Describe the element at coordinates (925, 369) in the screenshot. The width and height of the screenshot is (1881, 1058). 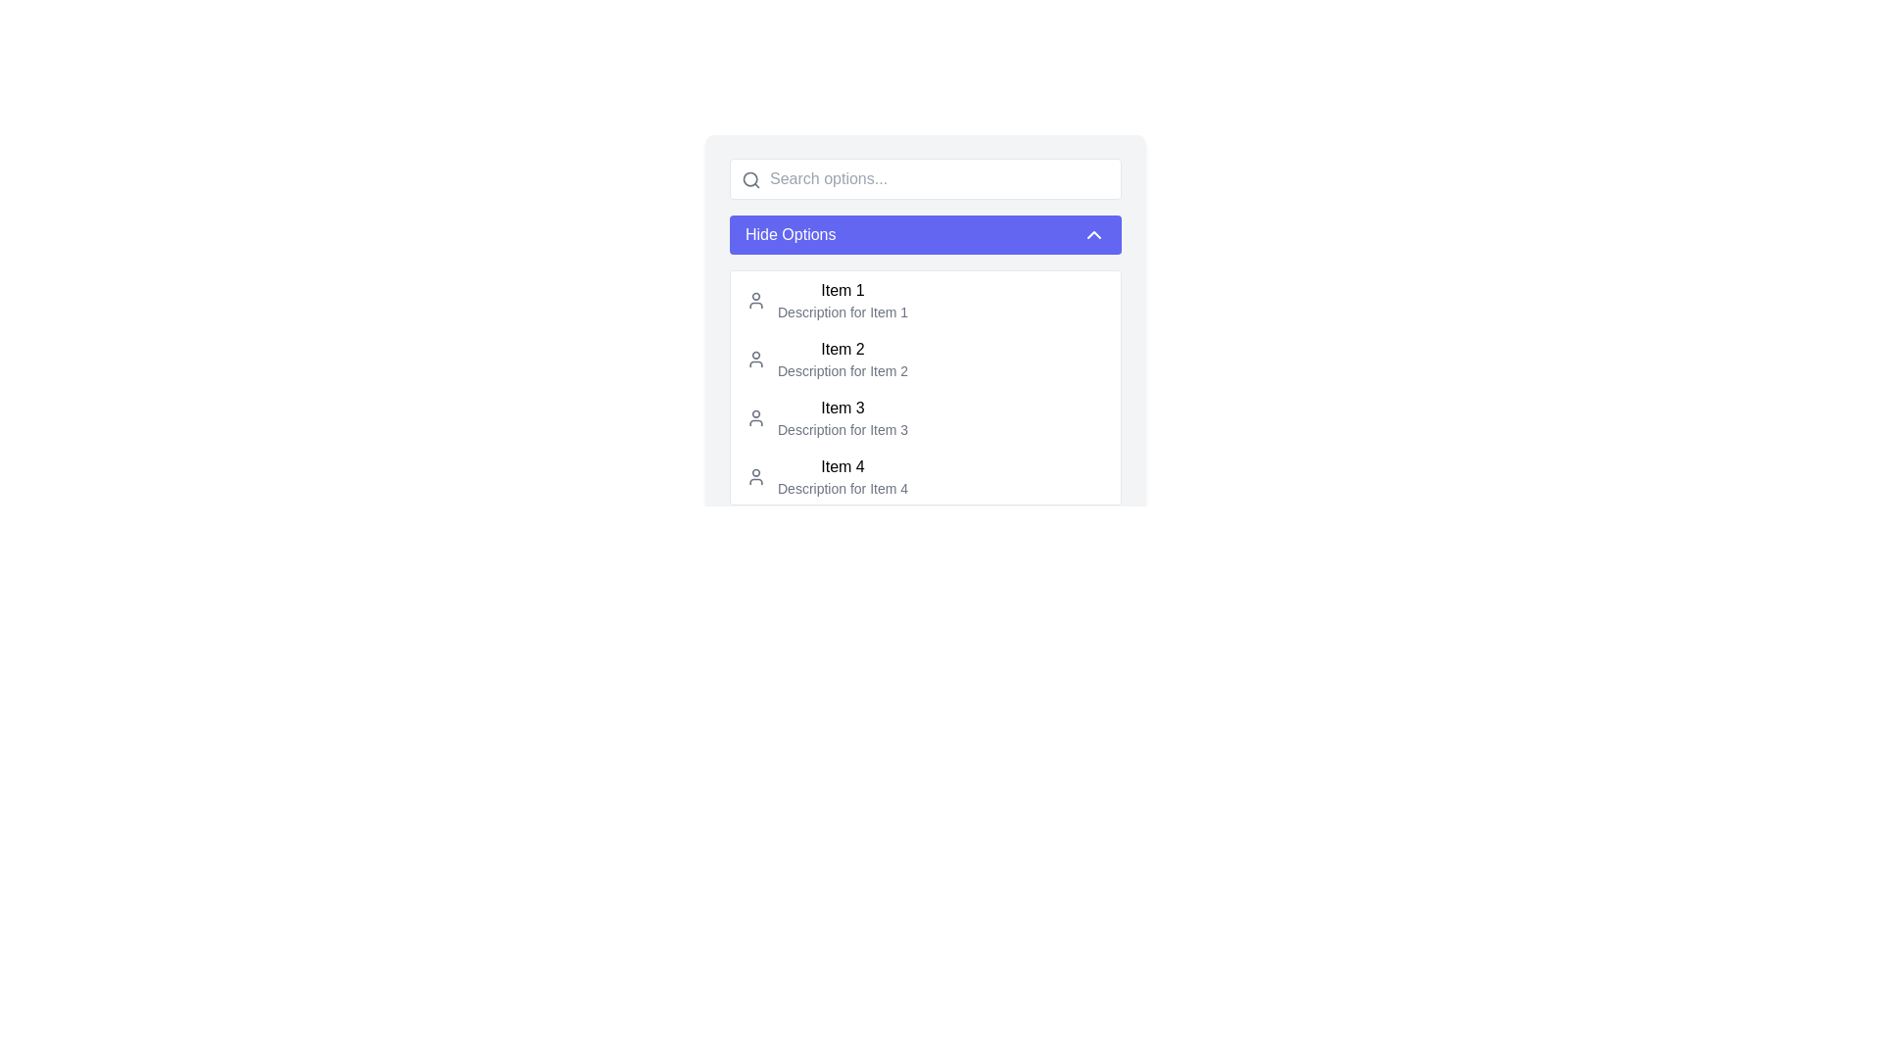
I see `the second list item titled 'Item 2'` at that location.